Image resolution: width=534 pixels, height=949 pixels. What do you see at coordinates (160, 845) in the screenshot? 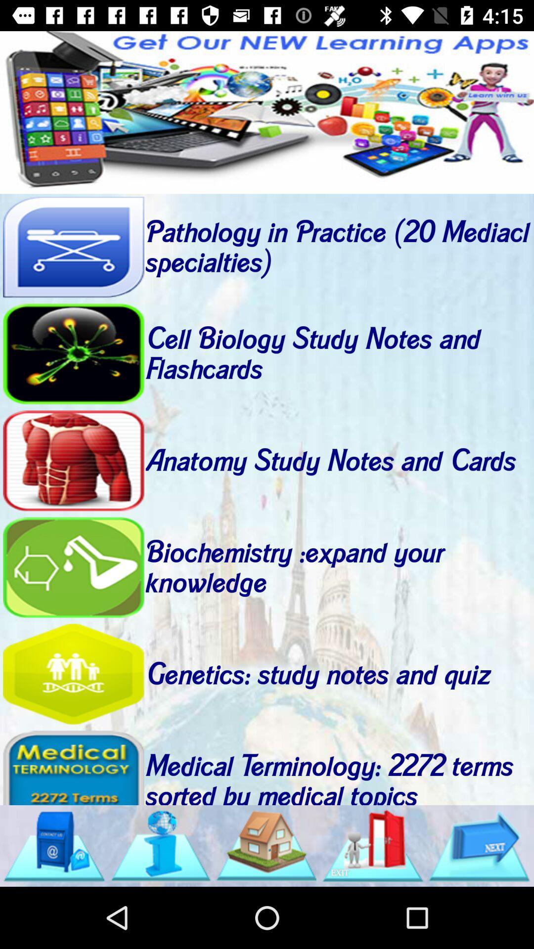
I see `internet search` at bounding box center [160, 845].